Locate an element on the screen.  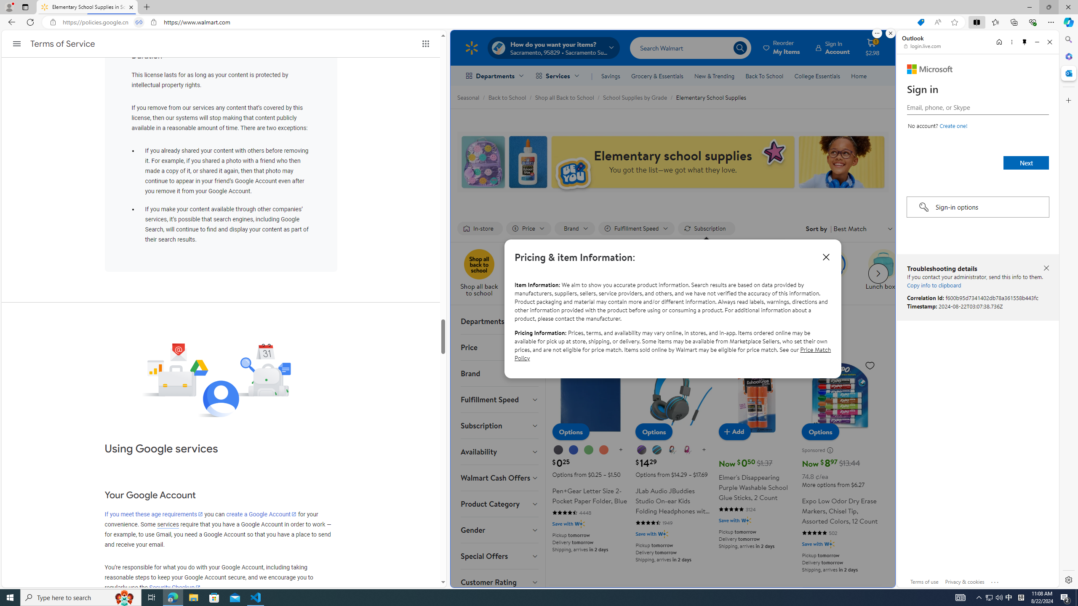
'This site has coupons! Shopping in Microsoft Edge, 7' is located at coordinates (920, 22).